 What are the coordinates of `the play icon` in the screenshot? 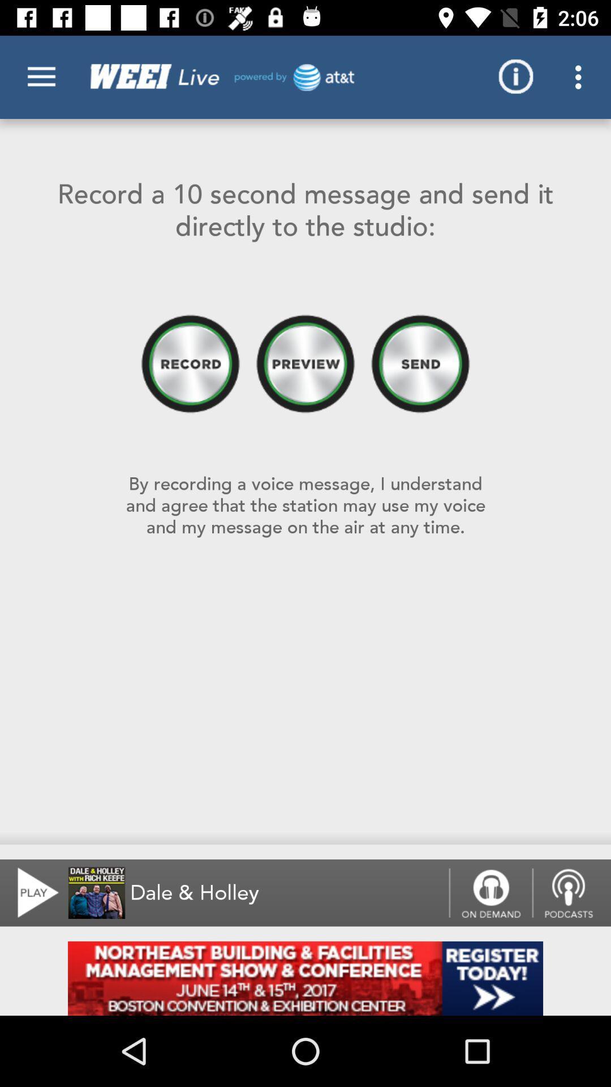 It's located at (31, 892).